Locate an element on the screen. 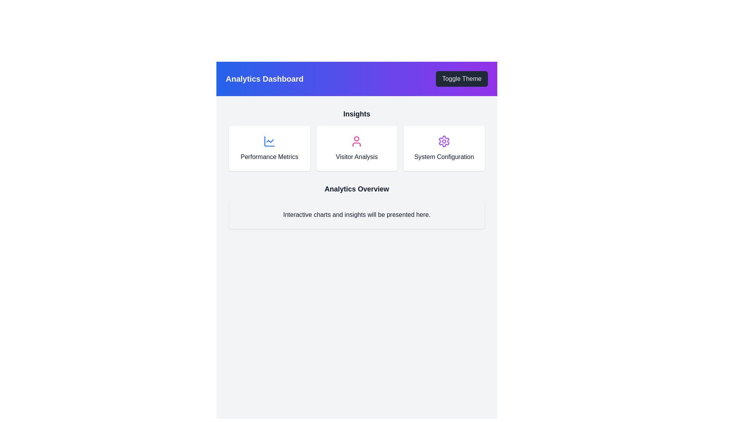  the first card in the 'Insights' section under the 'Analytics Dashboard' heading is located at coordinates (269, 148).